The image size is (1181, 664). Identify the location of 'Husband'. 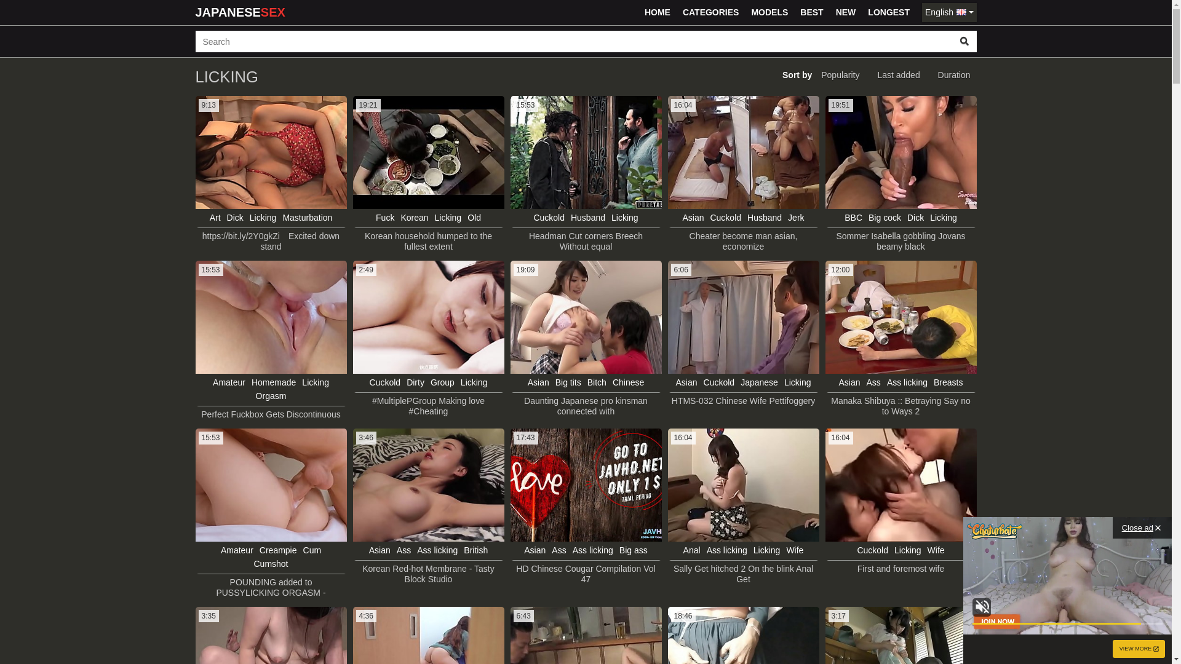
(587, 217).